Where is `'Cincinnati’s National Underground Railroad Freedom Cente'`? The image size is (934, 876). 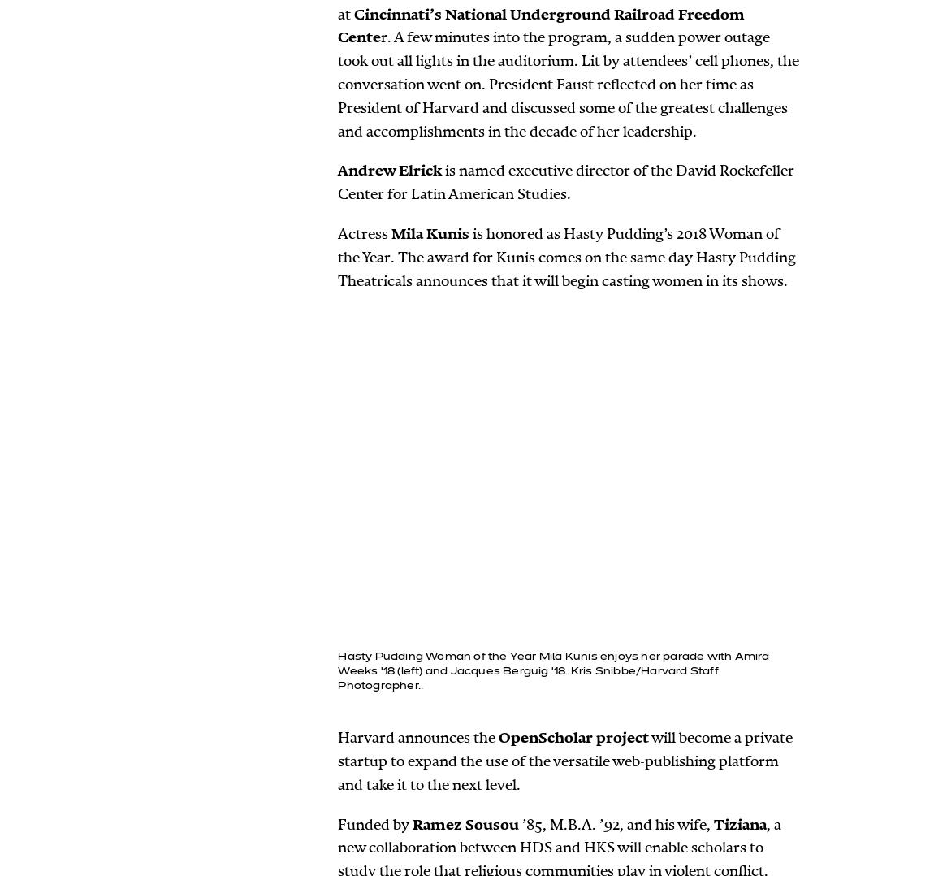 'Cincinnati’s National Underground Railroad Freedom Cente' is located at coordinates (540, 24).